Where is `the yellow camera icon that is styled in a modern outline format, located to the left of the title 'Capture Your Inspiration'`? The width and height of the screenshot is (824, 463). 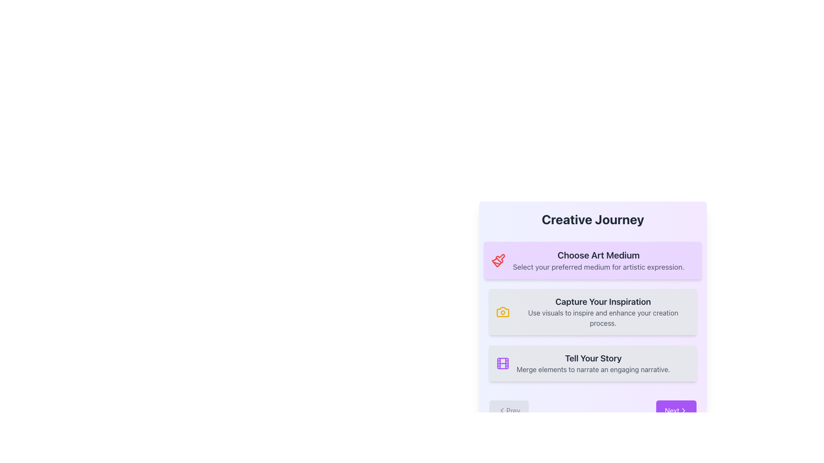 the yellow camera icon that is styled in a modern outline format, located to the left of the title 'Capture Your Inspiration' is located at coordinates (503, 312).